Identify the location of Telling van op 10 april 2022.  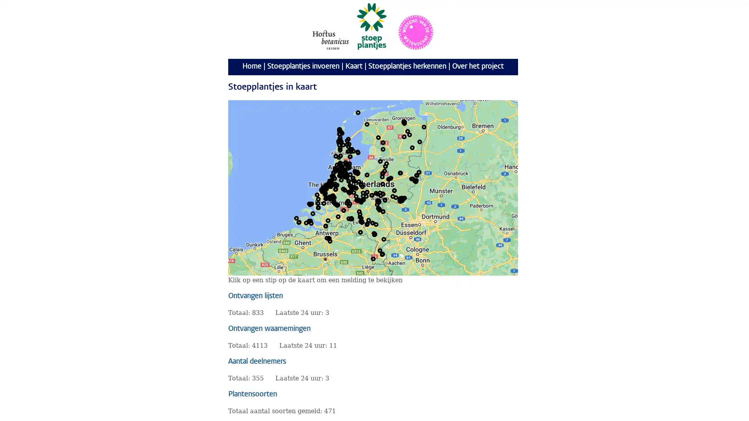
(412, 147).